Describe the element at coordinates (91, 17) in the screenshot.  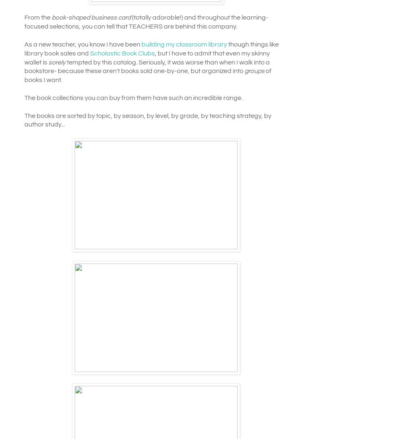
I see `'book-shaped business card'` at that location.